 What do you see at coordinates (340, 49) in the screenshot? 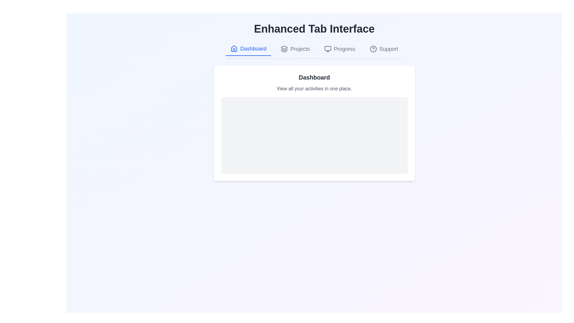
I see `the tab labeled Progress to observe the hover effect` at bounding box center [340, 49].